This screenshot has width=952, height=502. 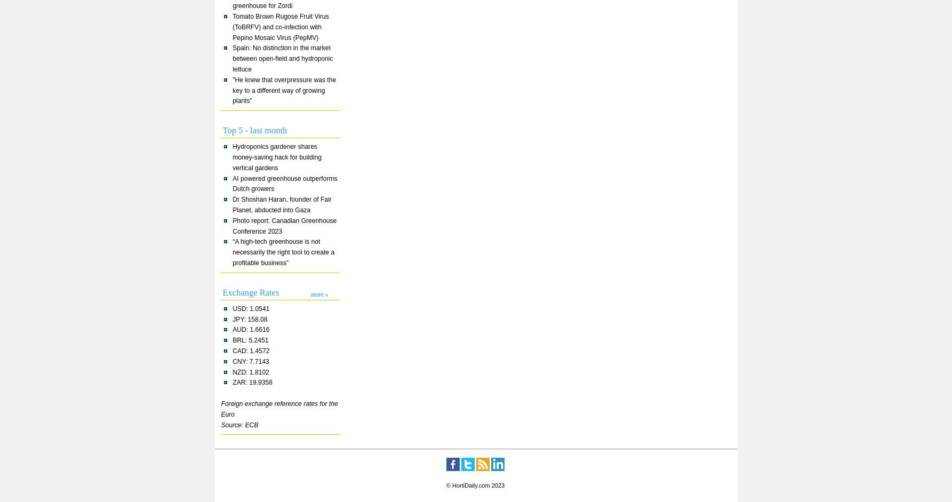 I want to click on 'AI powered greenhouse outperforms Dutch growers', so click(x=285, y=184).